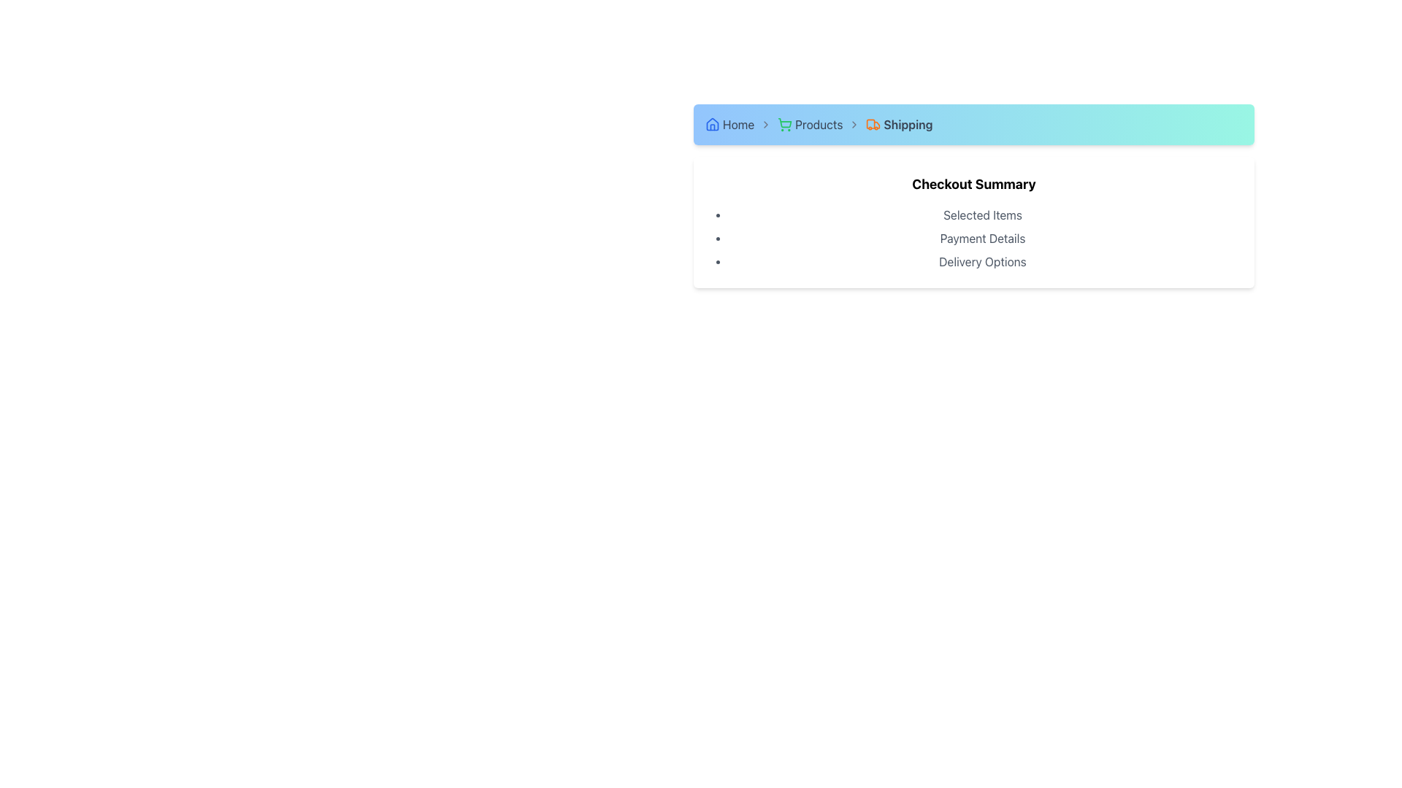 Image resolution: width=1402 pixels, height=788 pixels. I want to click on the breadcrumb item labeled 'Shipping' with an orange truck icon, so click(898, 123).